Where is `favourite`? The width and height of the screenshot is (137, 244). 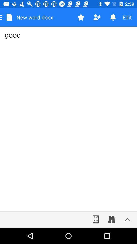 favourite is located at coordinates (81, 17).